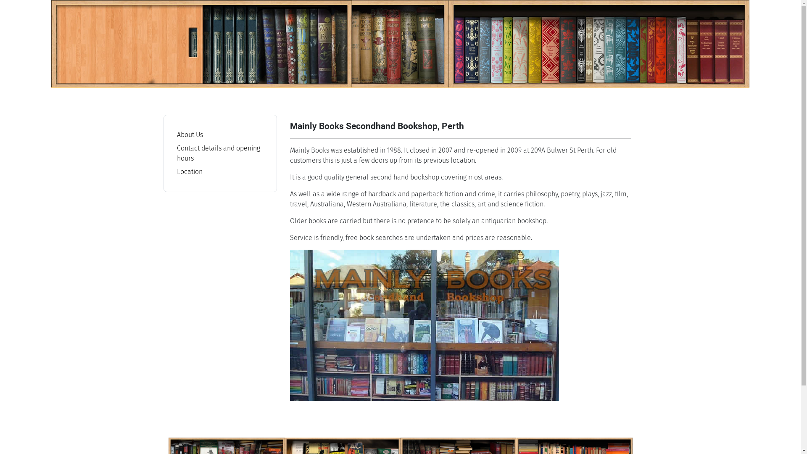 This screenshot has height=454, width=807. Describe the element at coordinates (189, 171) in the screenshot. I see `'Location'` at that location.